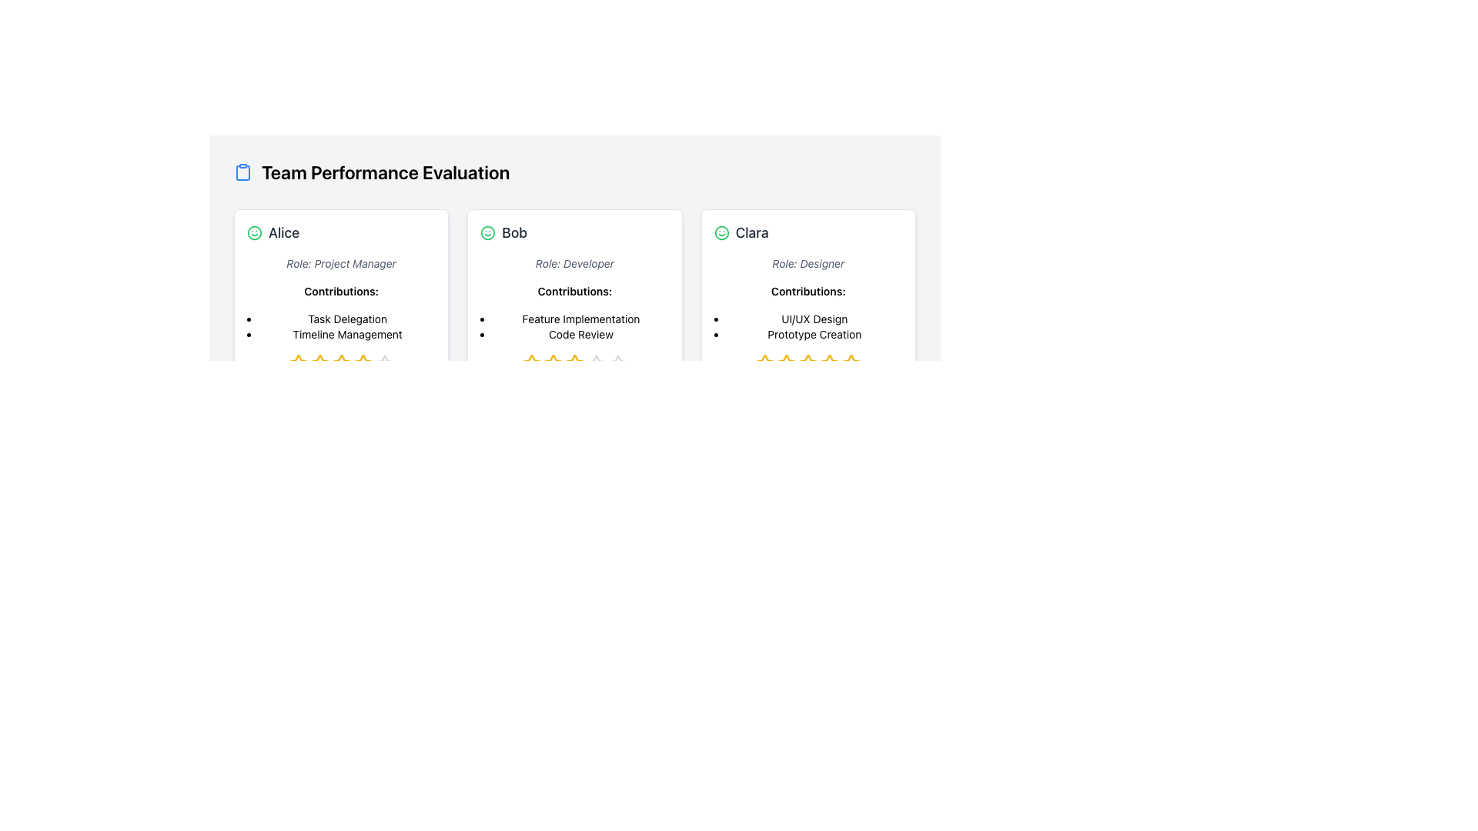 This screenshot has width=1478, height=831. What do you see at coordinates (851, 364) in the screenshot?
I see `the sixth star-shaped yellow icon in the row associated with the 'Clara' evaluation card` at bounding box center [851, 364].